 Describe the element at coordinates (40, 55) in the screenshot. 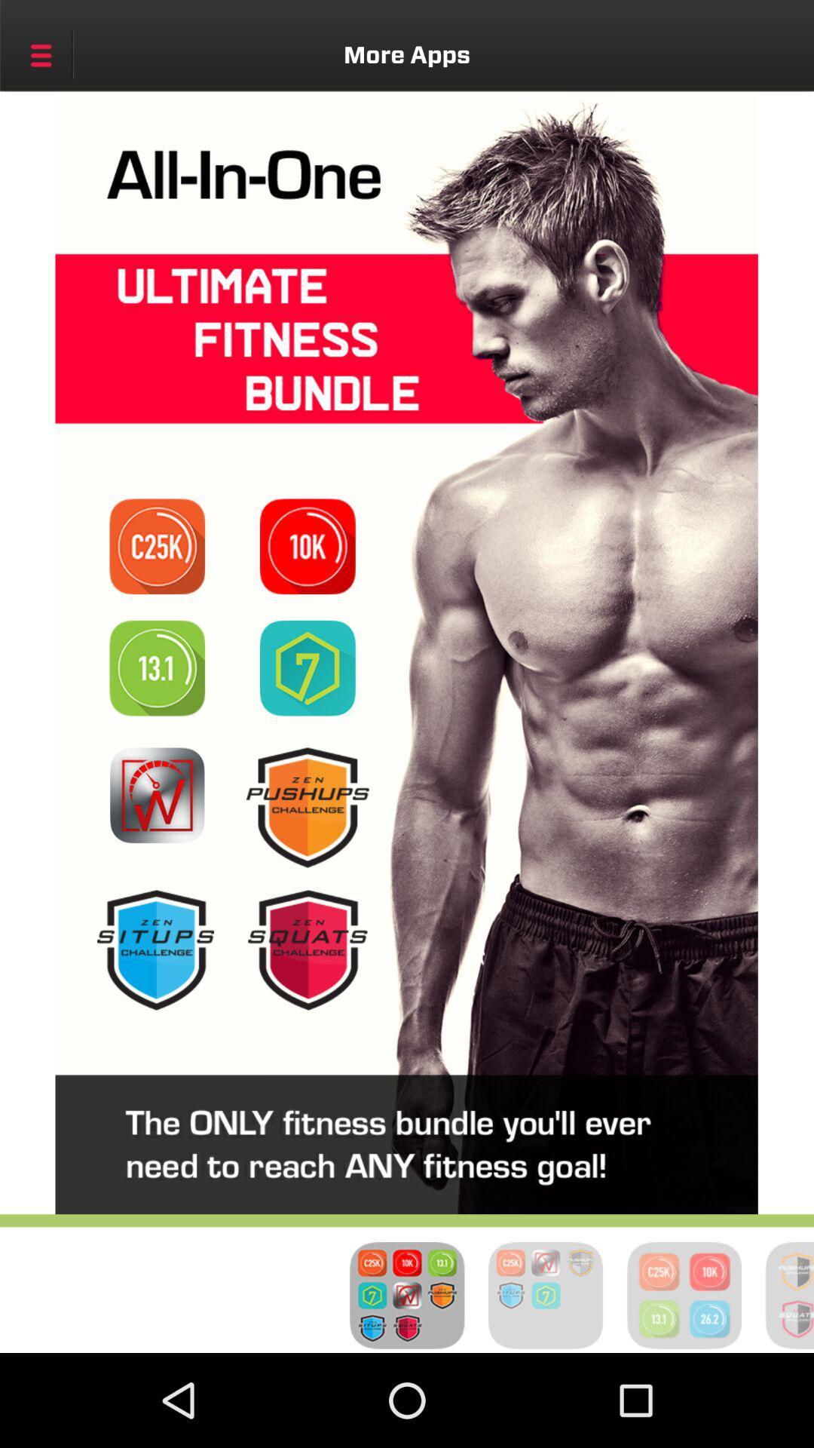

I see `open menu` at that location.